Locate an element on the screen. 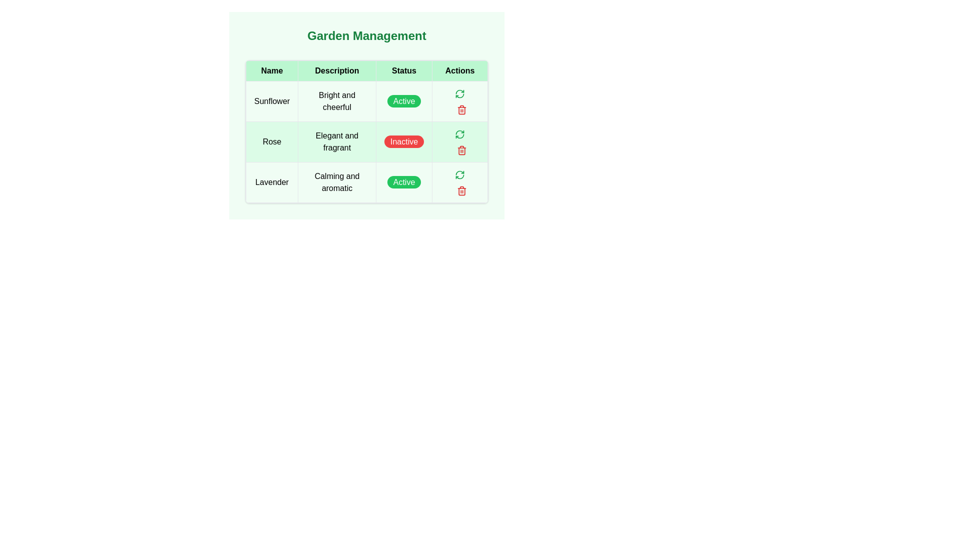 Image resolution: width=961 pixels, height=540 pixels. the refresh icon button in the Actions column for the Rose entry is located at coordinates (459, 92).